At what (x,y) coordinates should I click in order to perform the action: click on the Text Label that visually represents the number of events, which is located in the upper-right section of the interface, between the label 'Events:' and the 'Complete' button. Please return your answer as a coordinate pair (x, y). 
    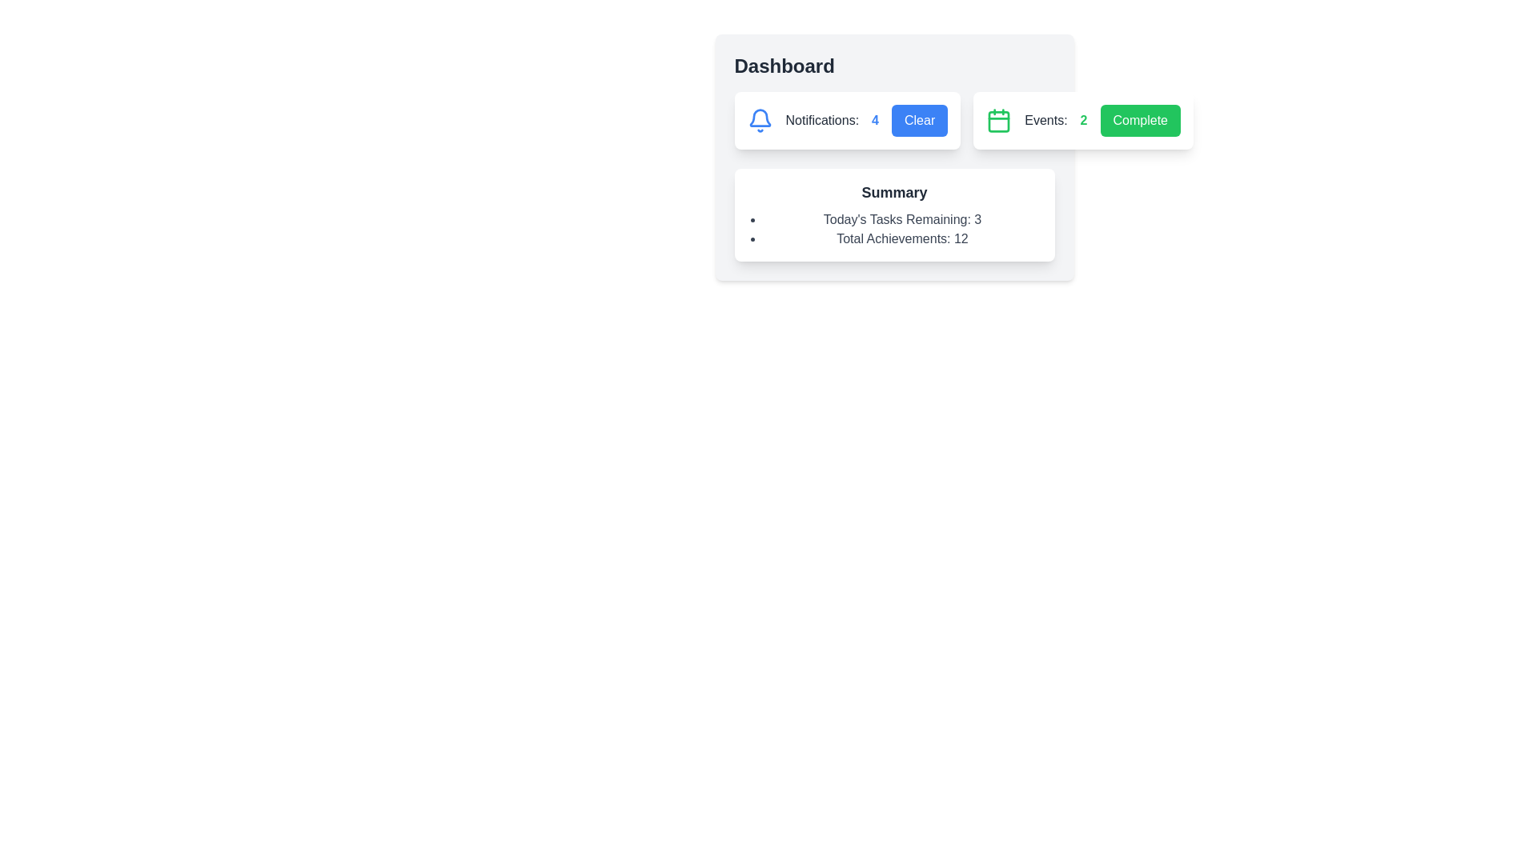
    Looking at the image, I should click on (1083, 119).